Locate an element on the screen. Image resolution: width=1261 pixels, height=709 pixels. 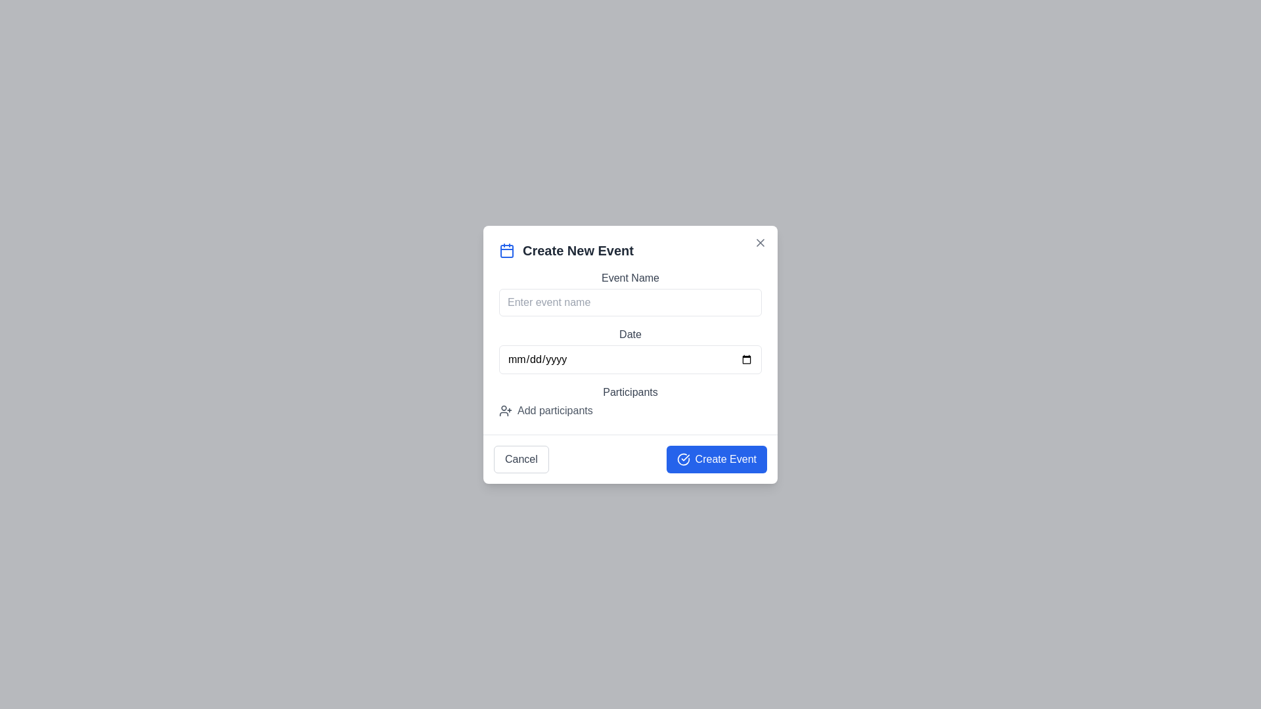
the icon representing adding a user, which features a circular head and a plus sign, located in the 'Add participants' section to the left of the 'Add participants' text is located at coordinates (504, 409).